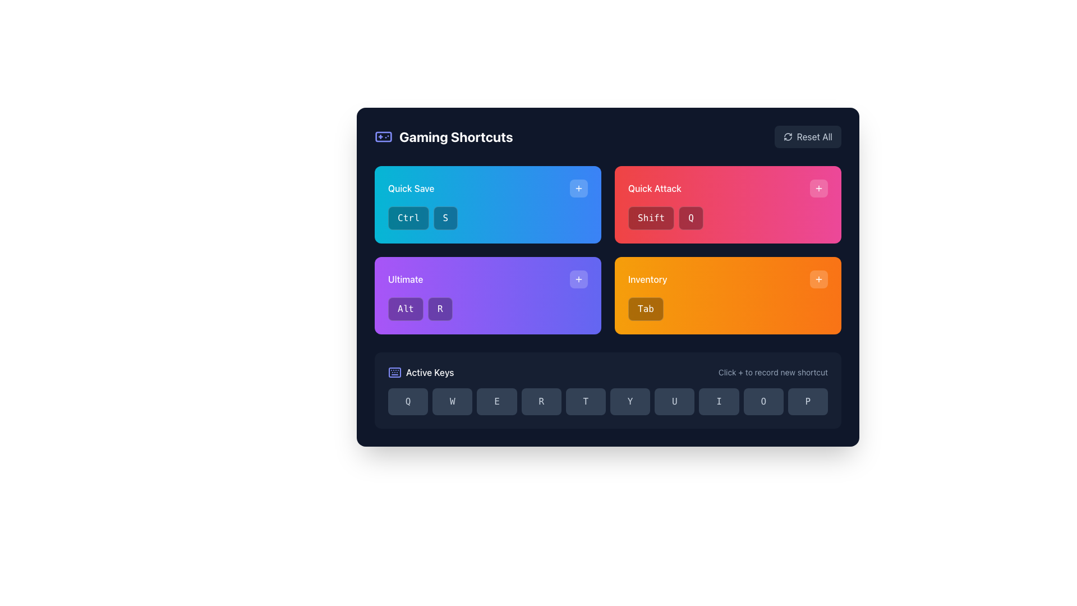 The height and width of the screenshot is (606, 1077). I want to click on the 'Quick Save' button located at the top-right corner of its bounding box, so click(579, 187).